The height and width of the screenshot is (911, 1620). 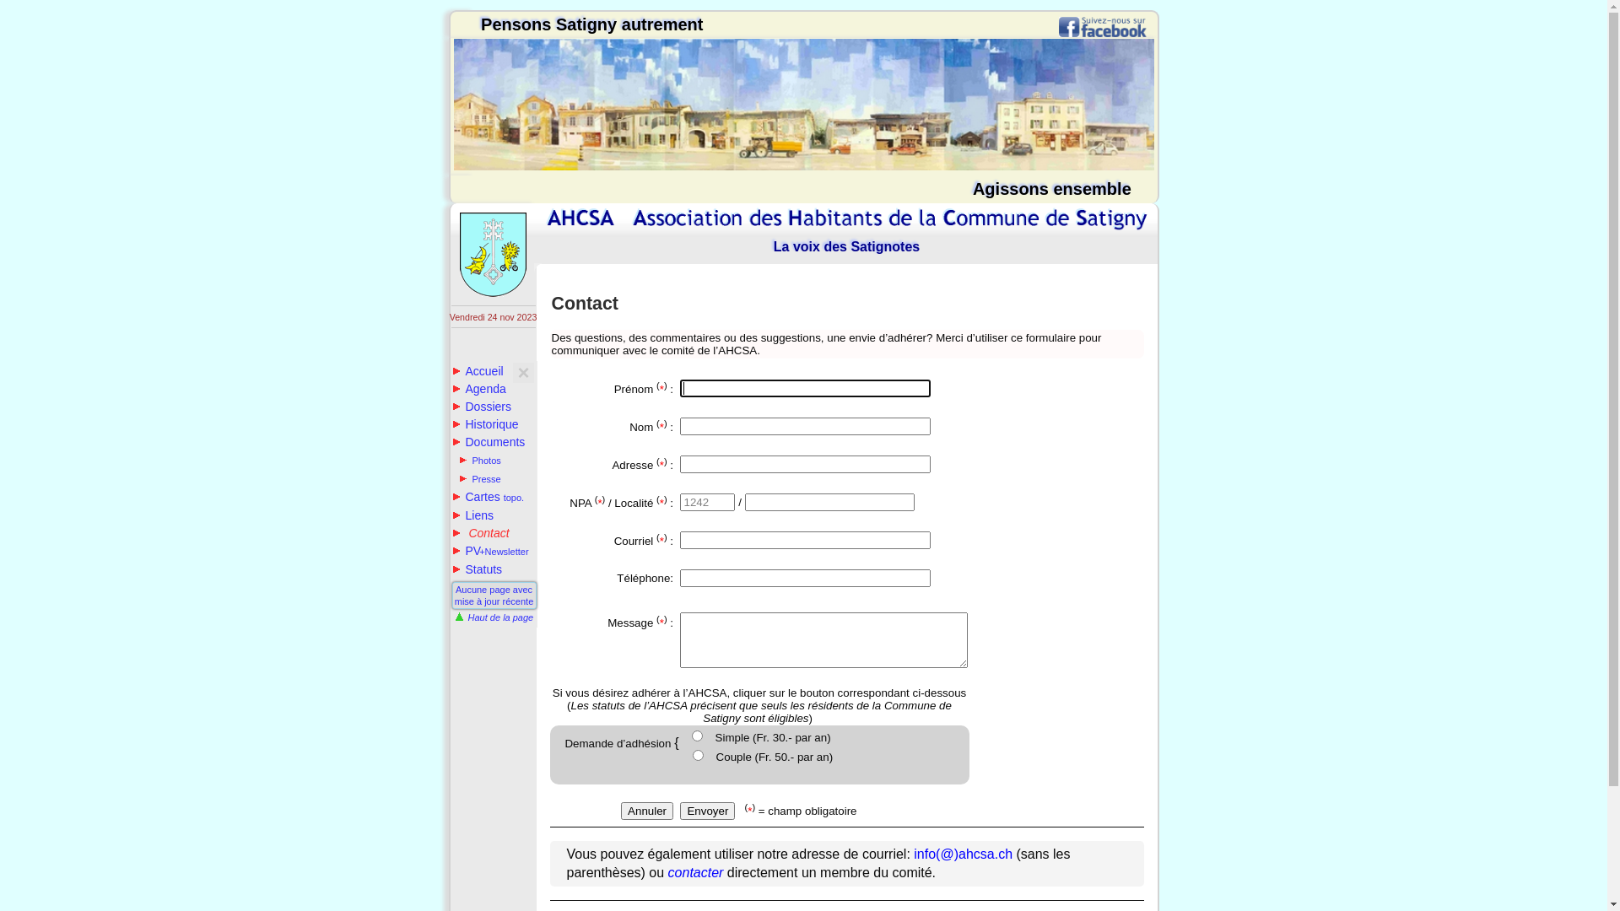 What do you see at coordinates (452, 441) in the screenshot?
I see `'Documents'` at bounding box center [452, 441].